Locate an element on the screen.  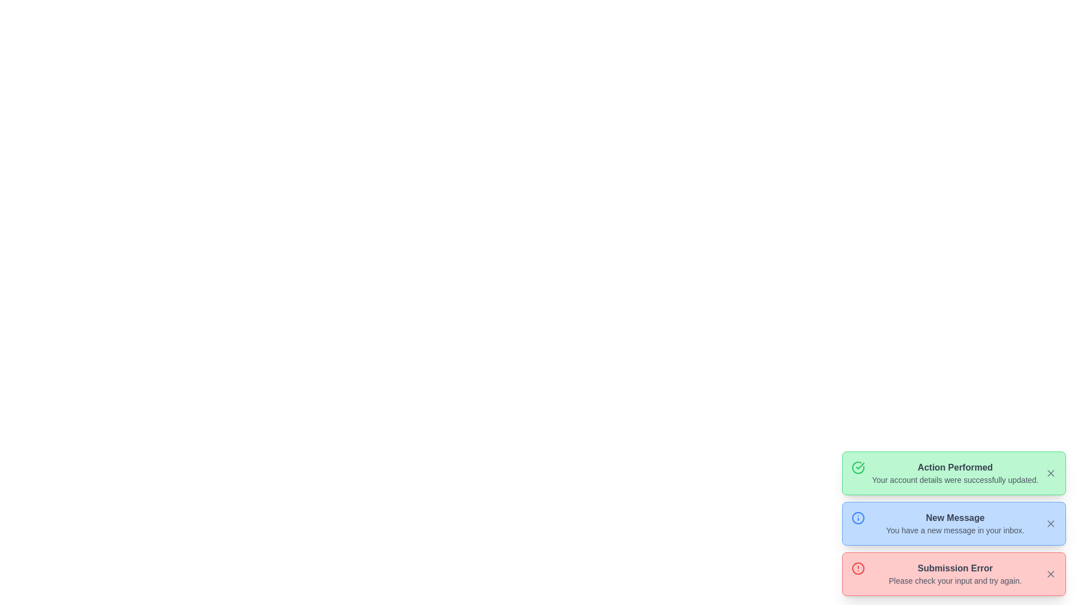
static text content within the green notification area that displays 'Action Performed' and 'Your account details were successfully updated.' is located at coordinates (955, 473).